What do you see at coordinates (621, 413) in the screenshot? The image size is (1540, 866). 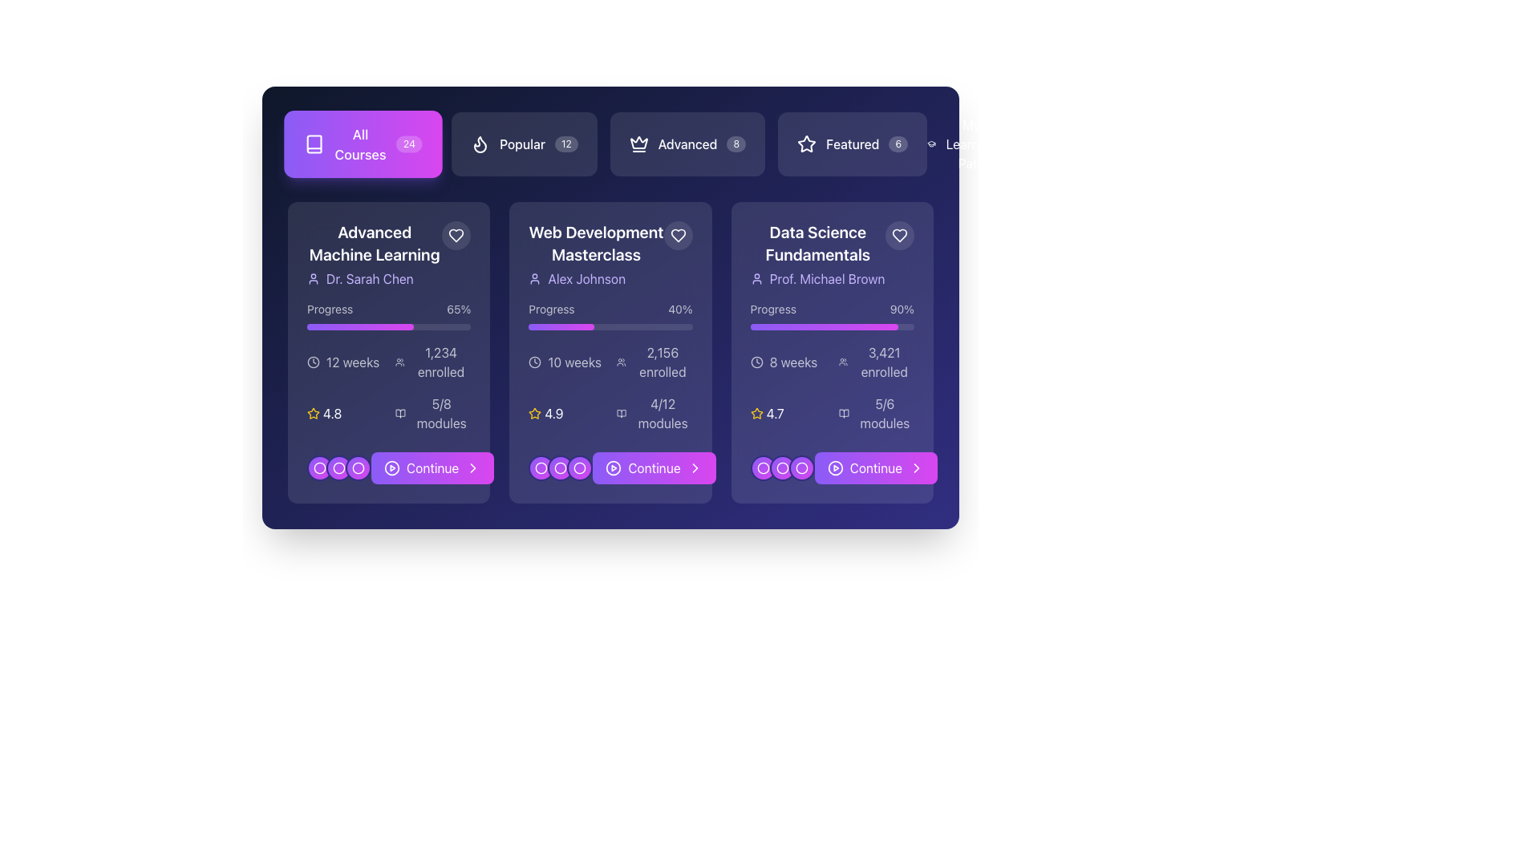 I see `the small open book icon located in the information area of the 'Web Development Masterclass' card, positioned adjacent to the '4/12 modules' text` at bounding box center [621, 413].